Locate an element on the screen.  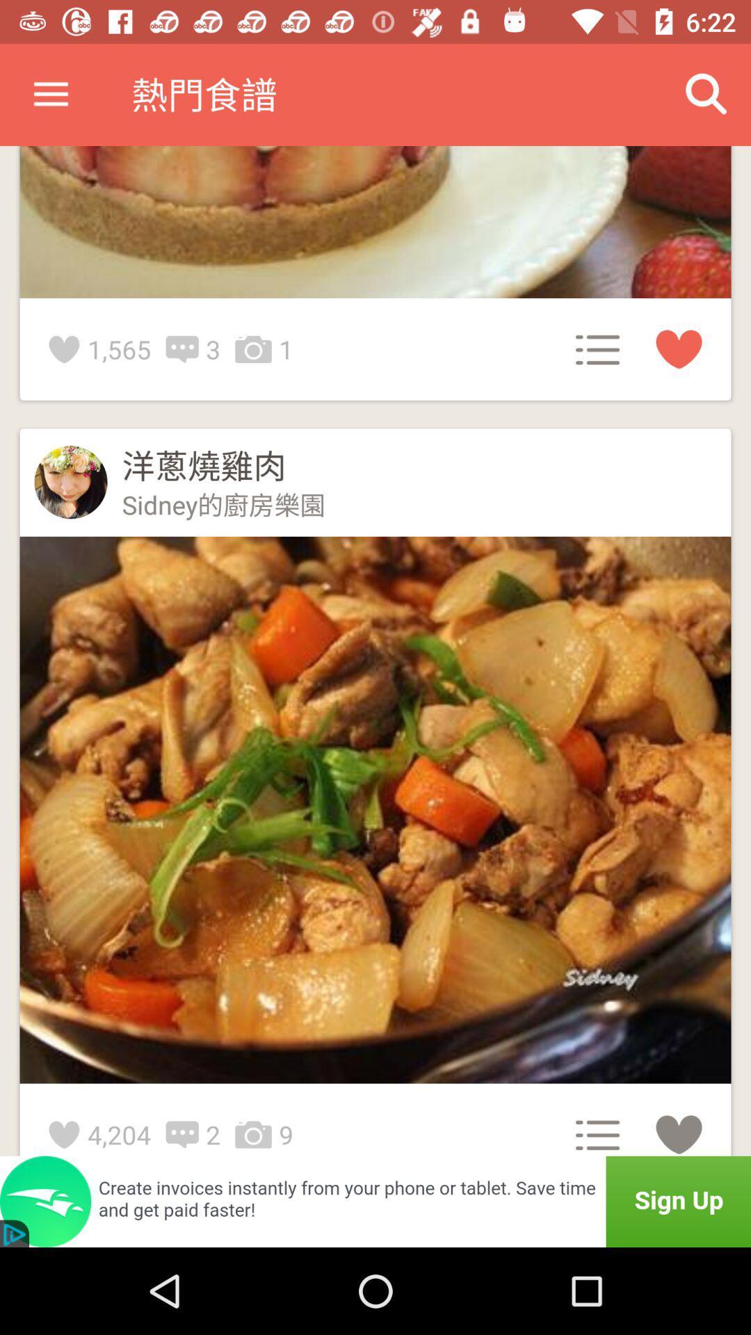
the icon above sign up and left side of heart symbol is located at coordinates (597, 1135).